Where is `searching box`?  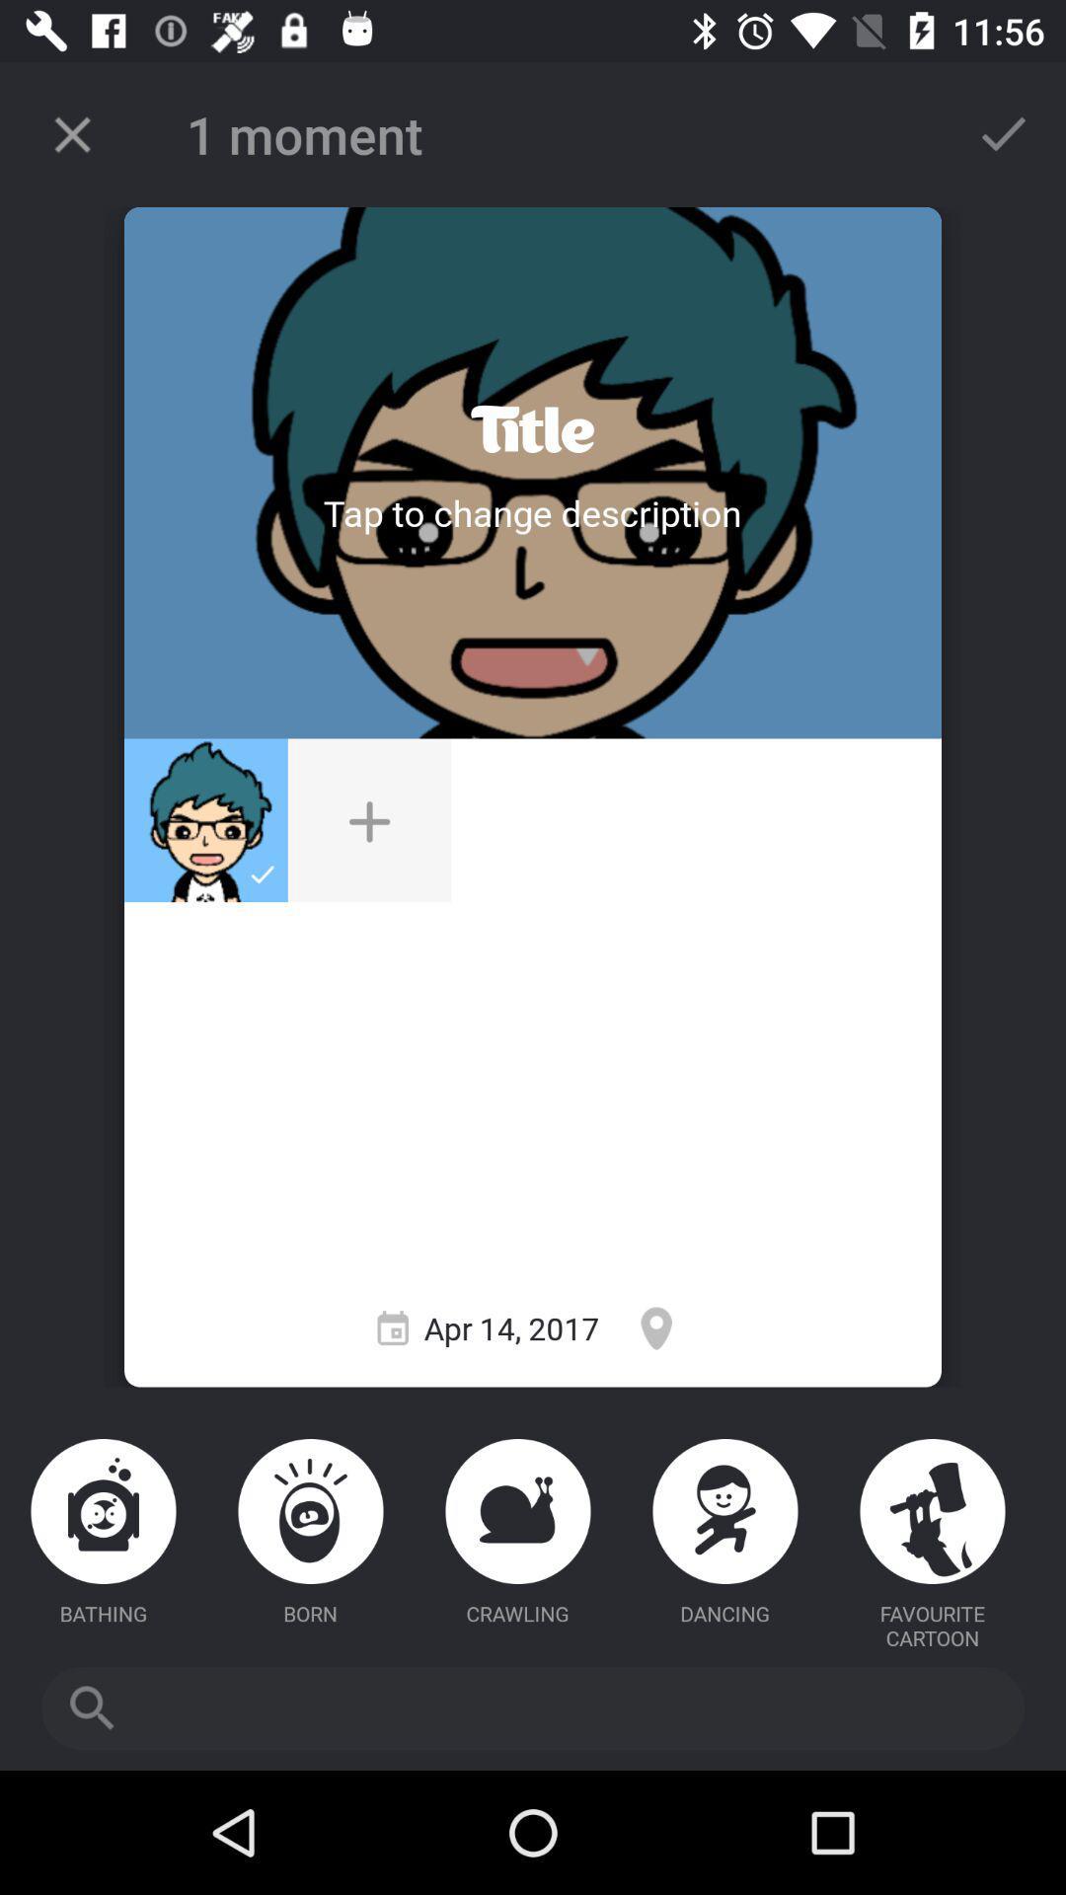 searching box is located at coordinates (533, 1707).